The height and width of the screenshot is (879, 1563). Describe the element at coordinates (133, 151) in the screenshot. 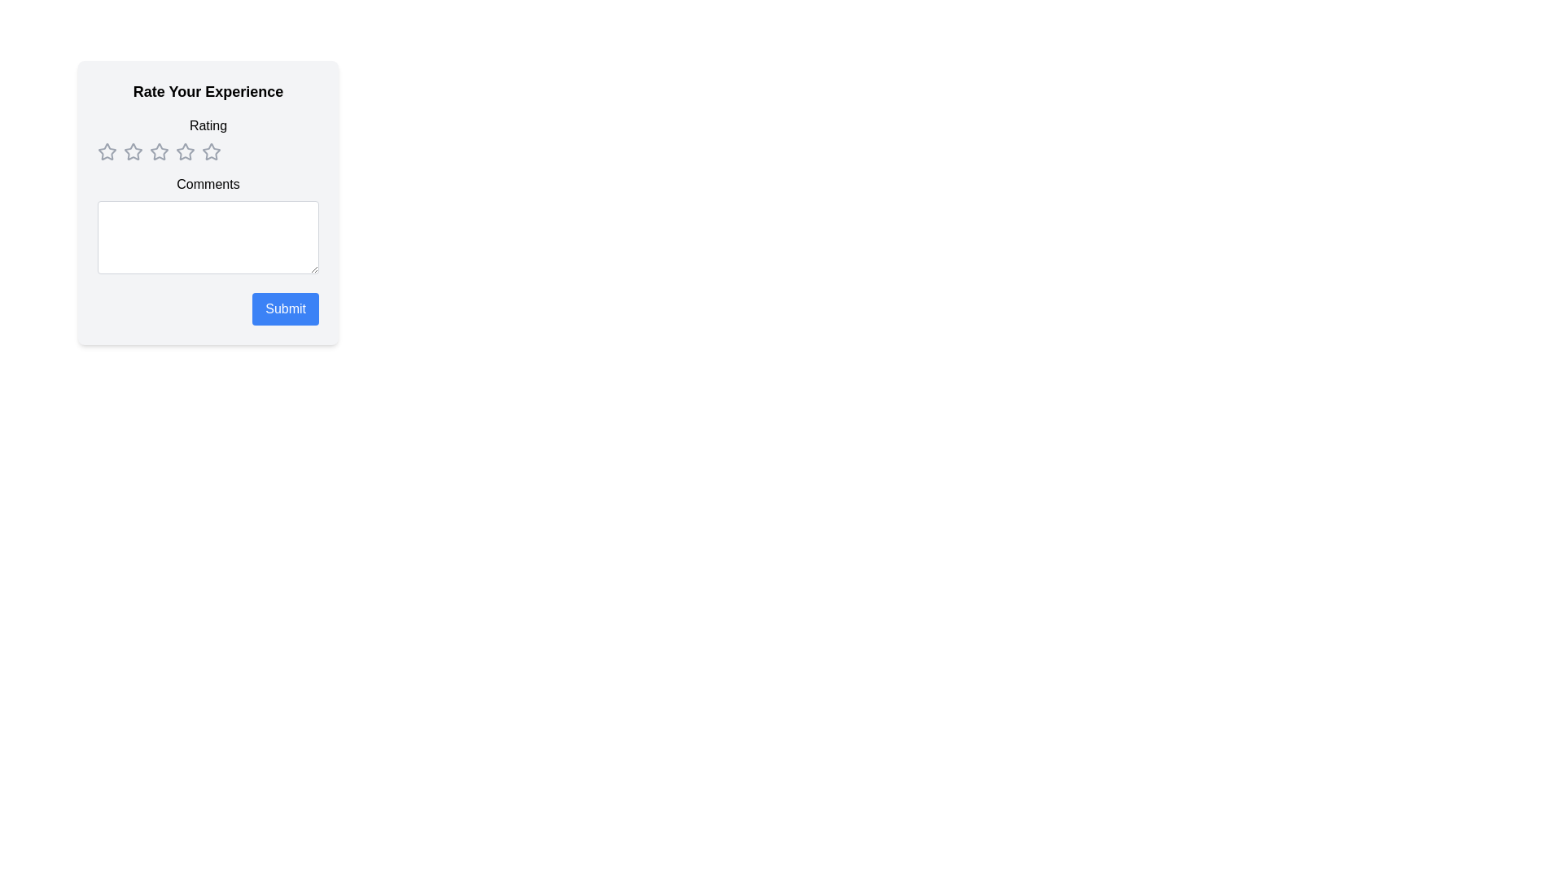

I see `the second star in the rating component` at that location.